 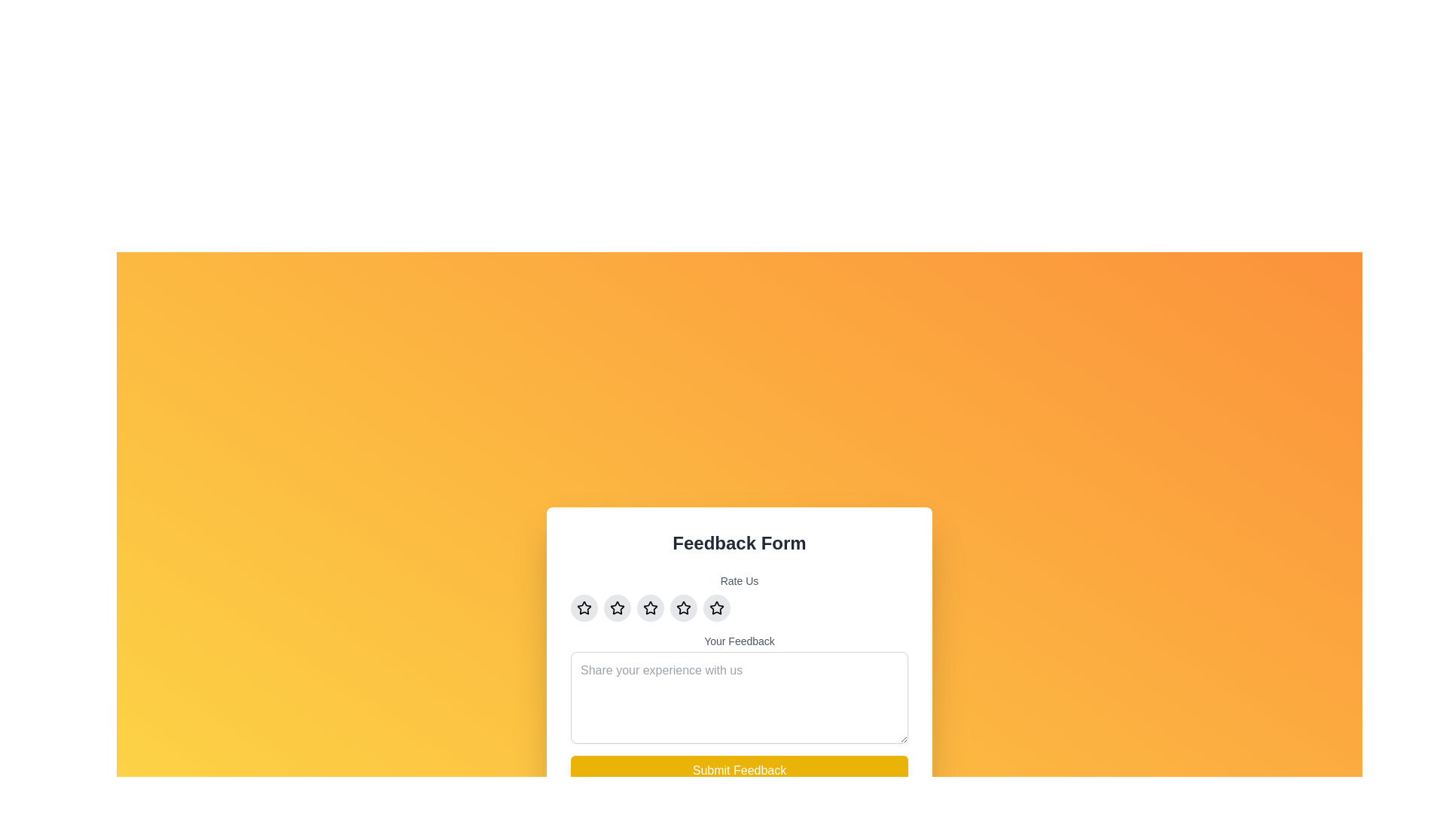 I want to click on the third star button with a light gray background and a black outlined star icon in the 'Rate Us' section to interact with it, so click(x=651, y=607).